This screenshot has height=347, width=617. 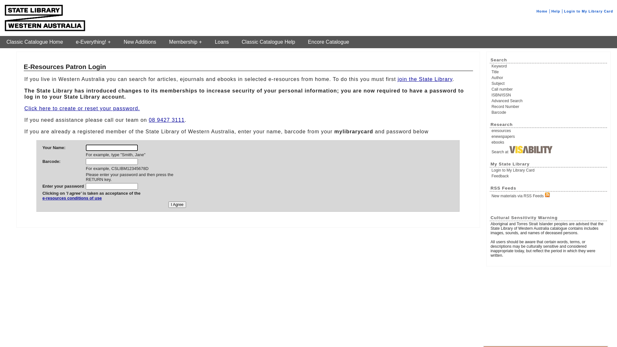 I want to click on 'join the State Library', so click(x=425, y=79).